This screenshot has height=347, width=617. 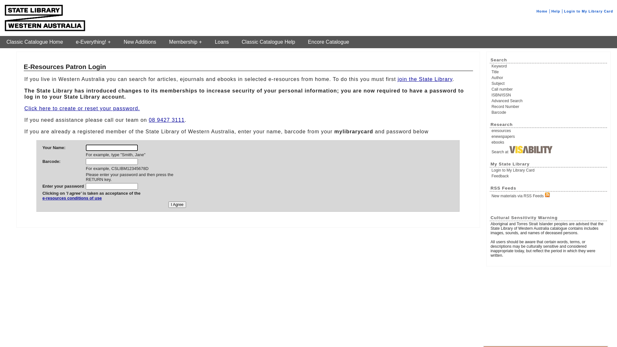 I want to click on 'join the State Library', so click(x=425, y=79).